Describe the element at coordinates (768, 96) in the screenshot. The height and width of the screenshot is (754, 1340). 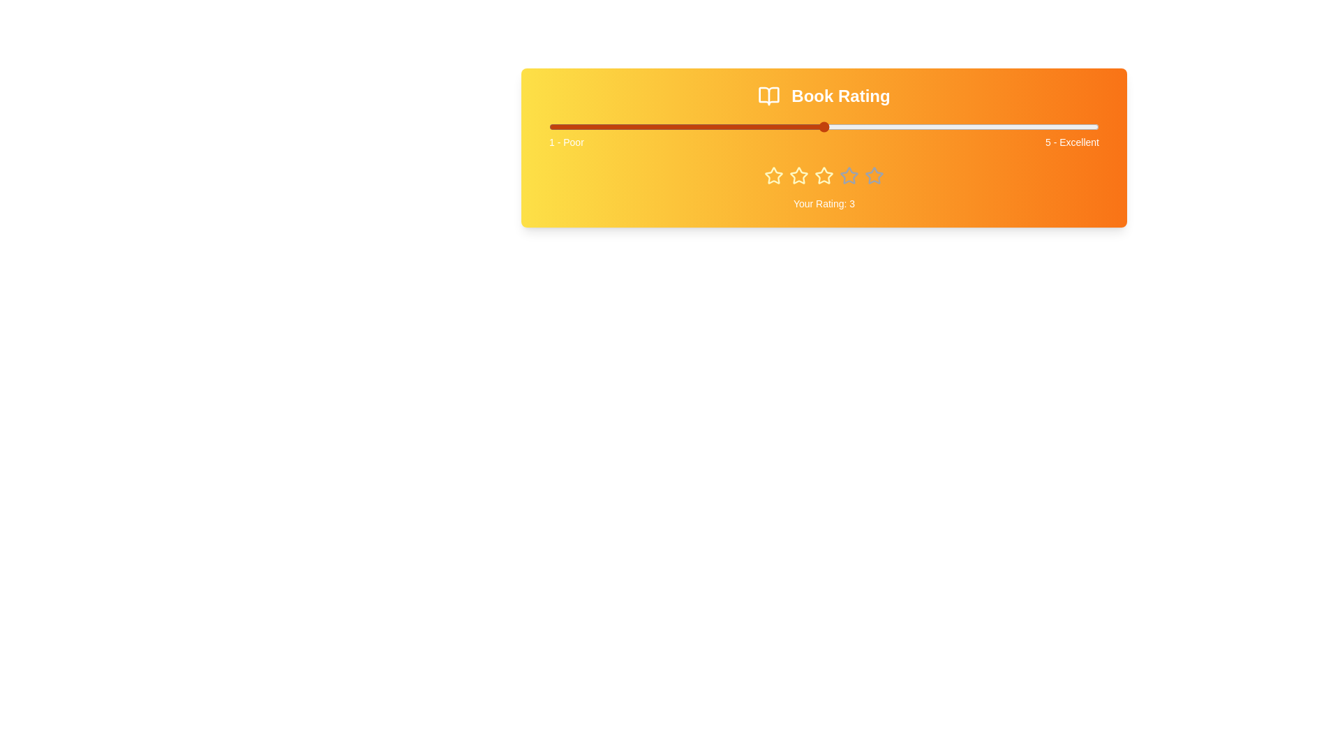
I see `the open book icon, which is centrally located within the 'Book Rating' section of the interface` at that location.